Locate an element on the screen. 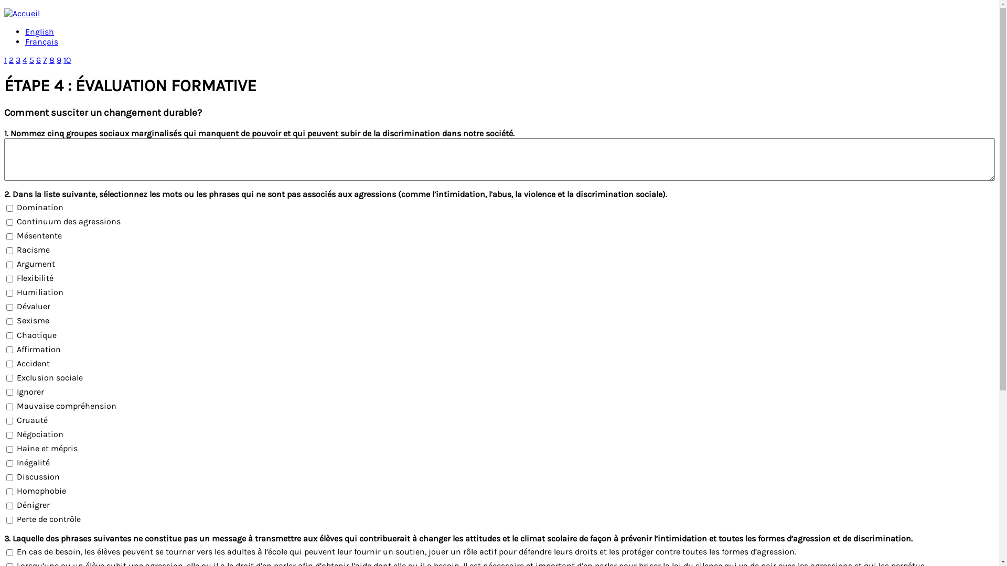 This screenshot has width=1007, height=566. '7' is located at coordinates (45, 60).